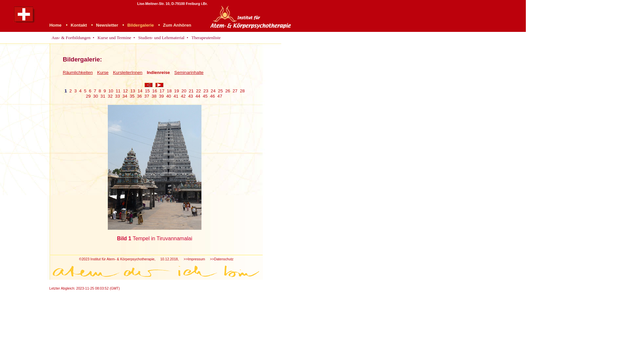  I want to click on '16', so click(152, 91).